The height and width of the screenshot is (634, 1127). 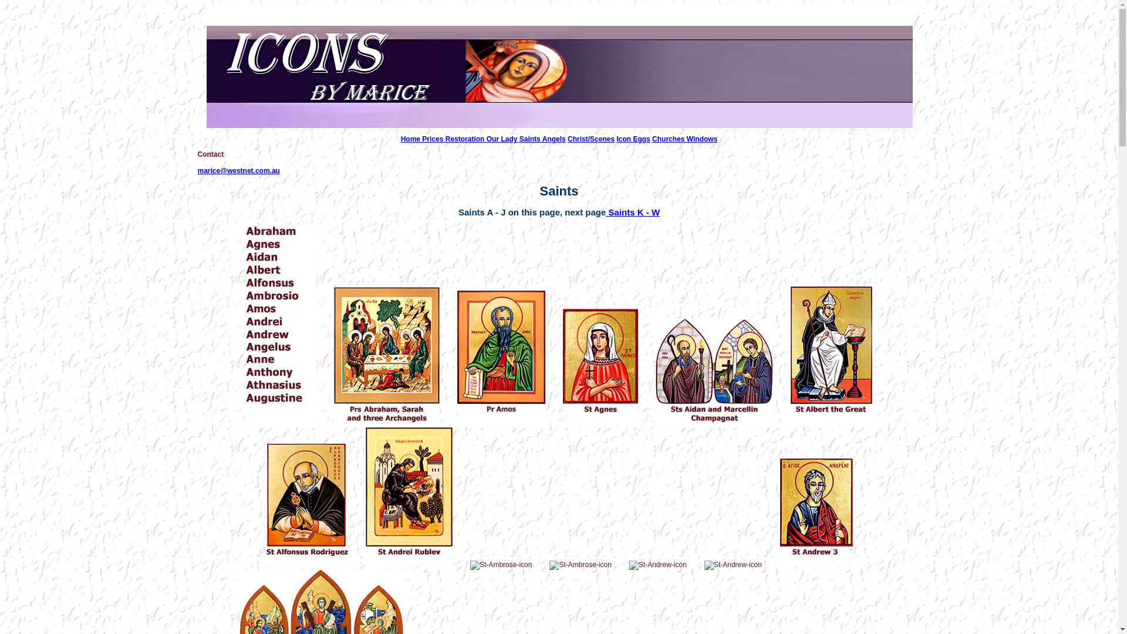 I want to click on 'Churches', so click(x=669, y=138).